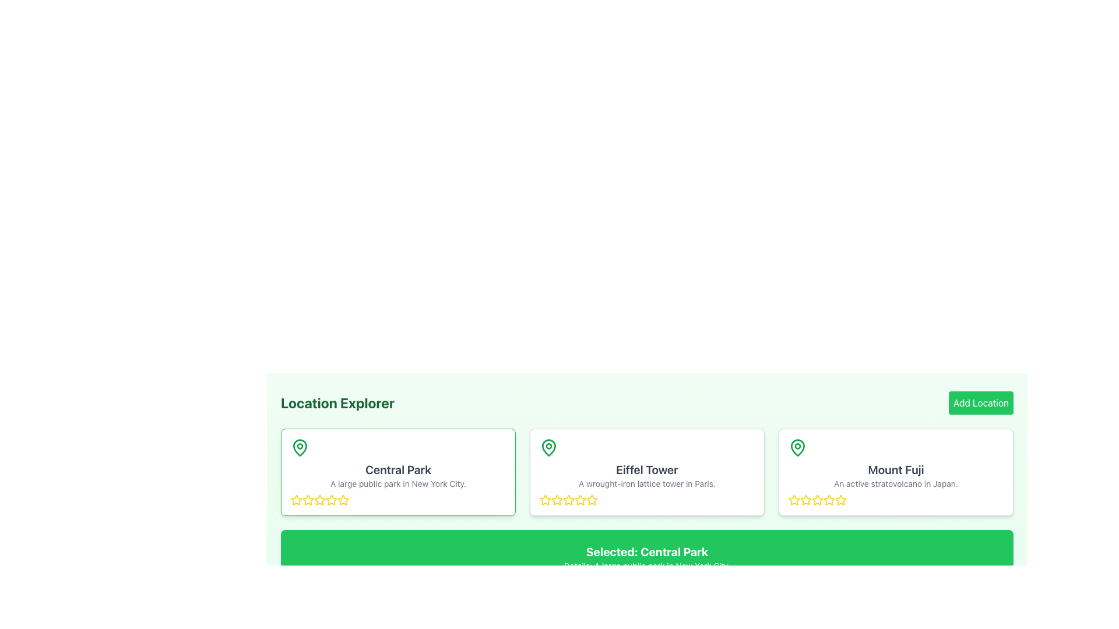 Image resolution: width=1119 pixels, height=629 pixels. Describe the element at coordinates (797, 447) in the screenshot. I see `the green map pin icon located in the top left corner of the 'Mount Fuji' card, above the title text 'Mount Fuji'` at that location.